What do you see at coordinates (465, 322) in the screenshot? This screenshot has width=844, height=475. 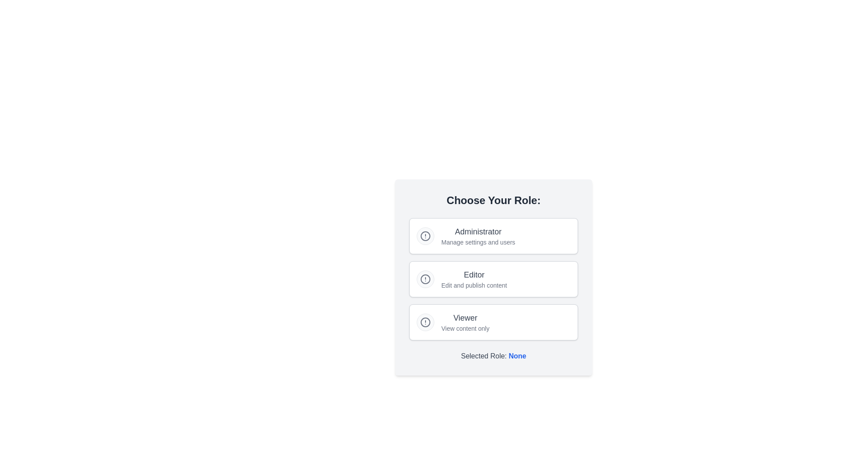 I see `text displayed in the 'Viewer' text label, which is the main title of the bottommost role selection card in a vertically-stacked list of three options` at bounding box center [465, 322].